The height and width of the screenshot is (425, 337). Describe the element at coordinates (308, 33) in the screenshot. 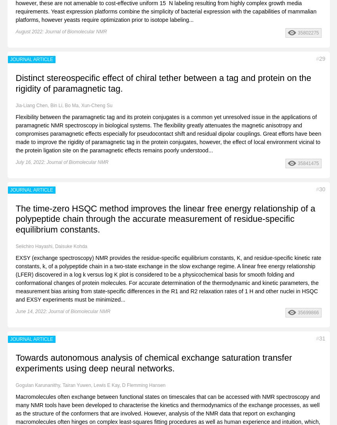

I see `'35802275'` at that location.